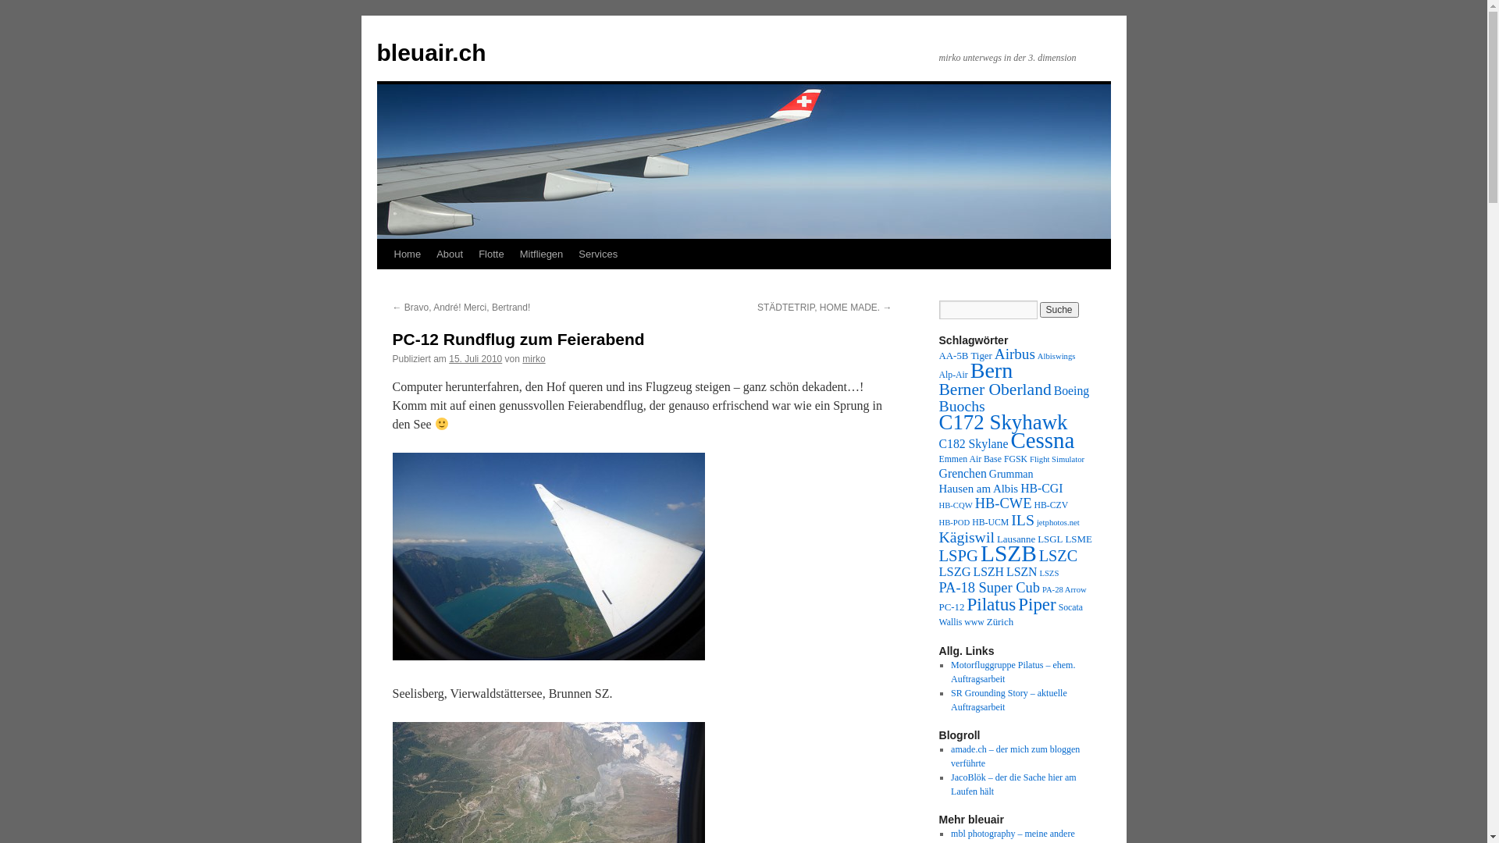  What do you see at coordinates (966, 603) in the screenshot?
I see `'Pilatus'` at bounding box center [966, 603].